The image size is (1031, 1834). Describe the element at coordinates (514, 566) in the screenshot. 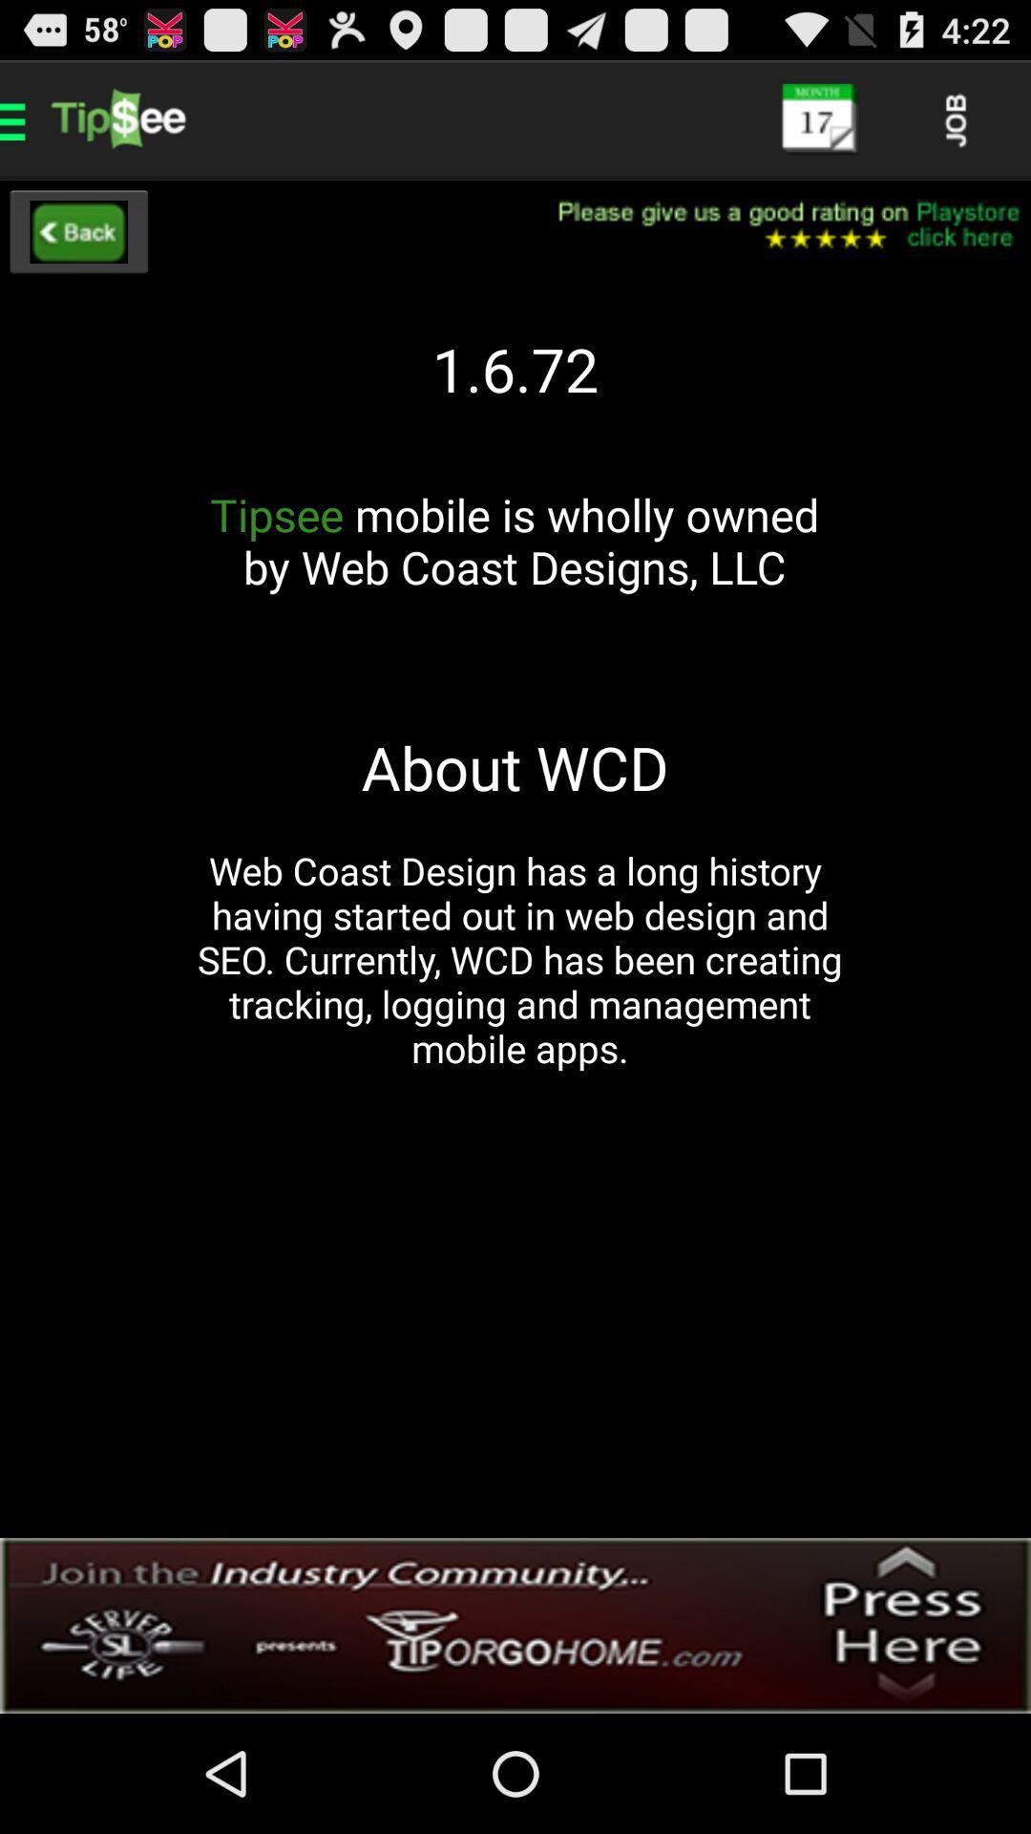

I see `app below the 1.6.72 icon` at that location.